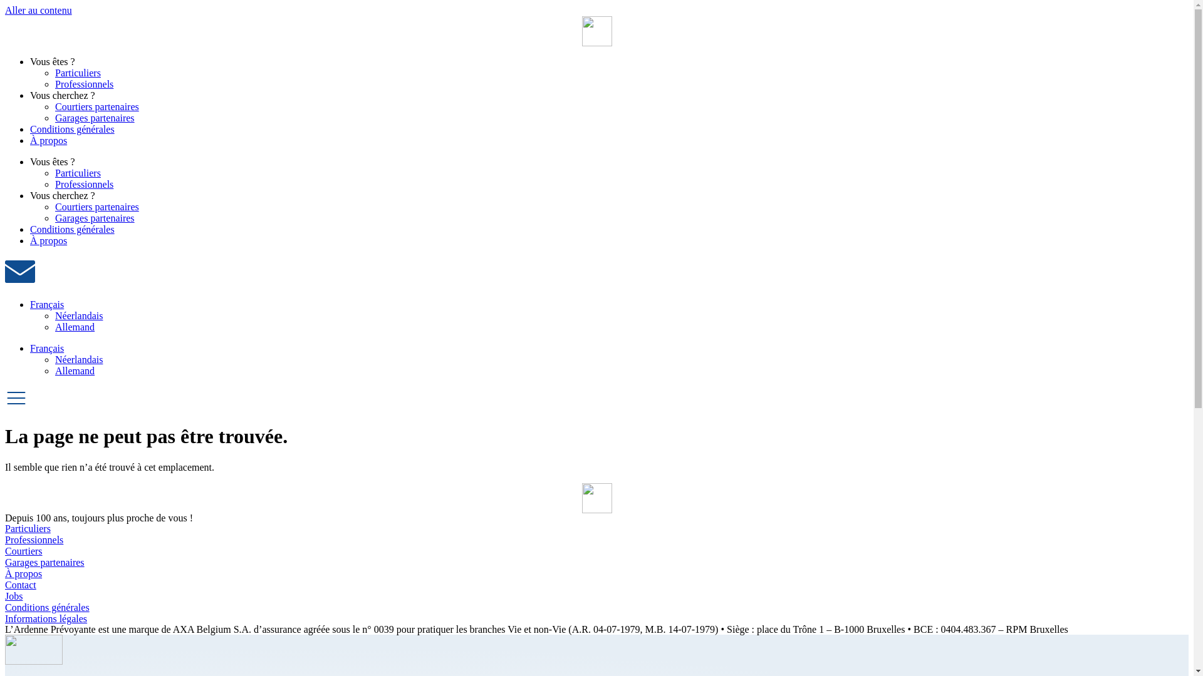 This screenshot has height=676, width=1203. I want to click on 'Vous cherchez ?', so click(62, 195).